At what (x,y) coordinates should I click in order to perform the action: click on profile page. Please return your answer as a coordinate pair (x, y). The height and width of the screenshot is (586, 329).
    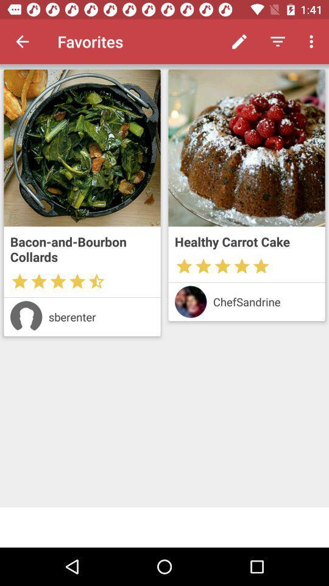
    Looking at the image, I should click on (191, 301).